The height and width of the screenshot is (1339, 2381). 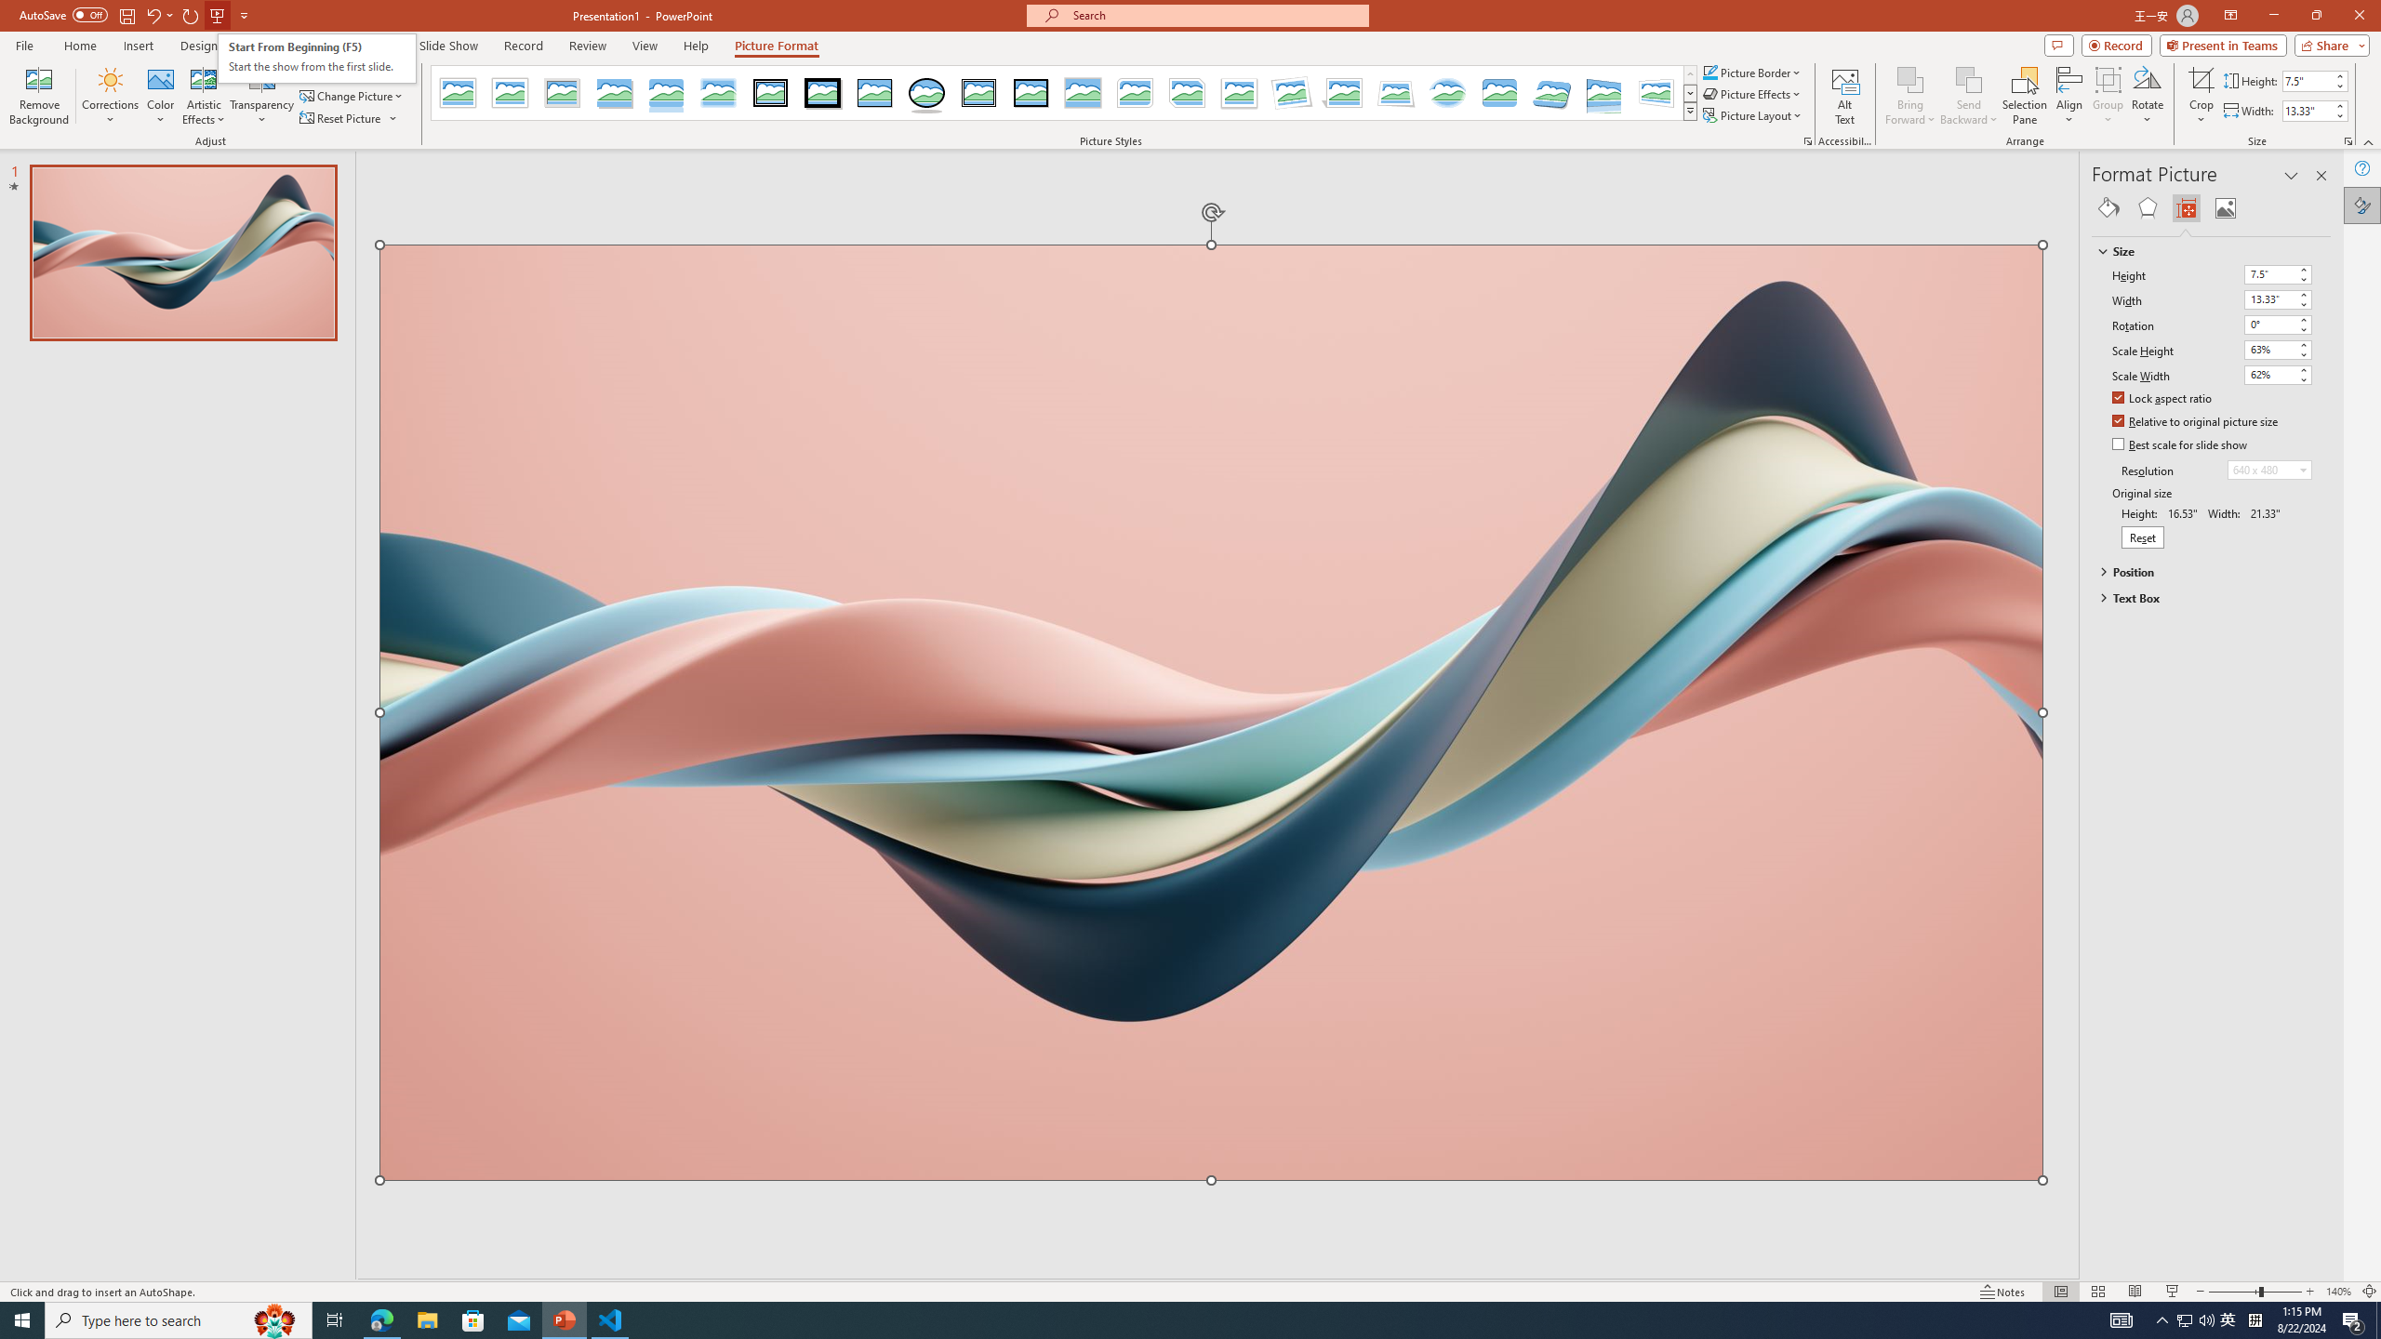 I want to click on 'Zoom 140%', so click(x=2339, y=1292).